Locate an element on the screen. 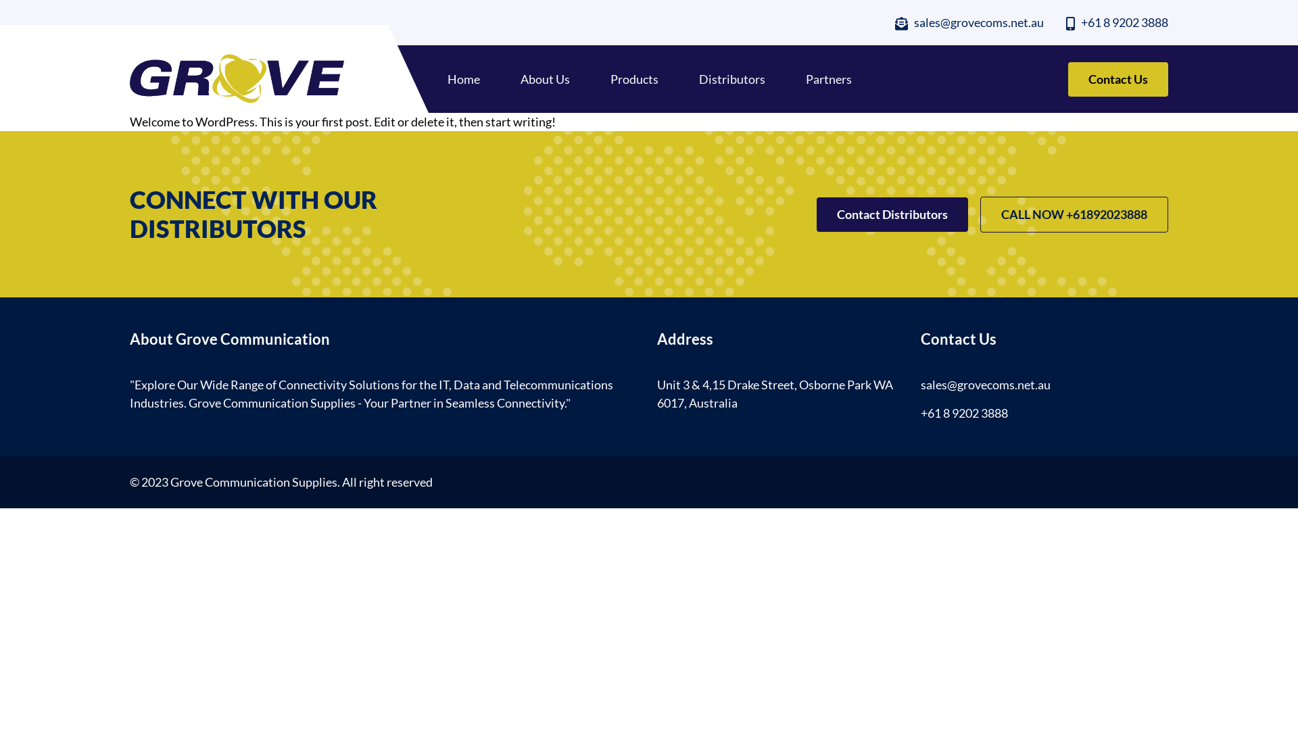  'Distributors' is located at coordinates (731, 78).